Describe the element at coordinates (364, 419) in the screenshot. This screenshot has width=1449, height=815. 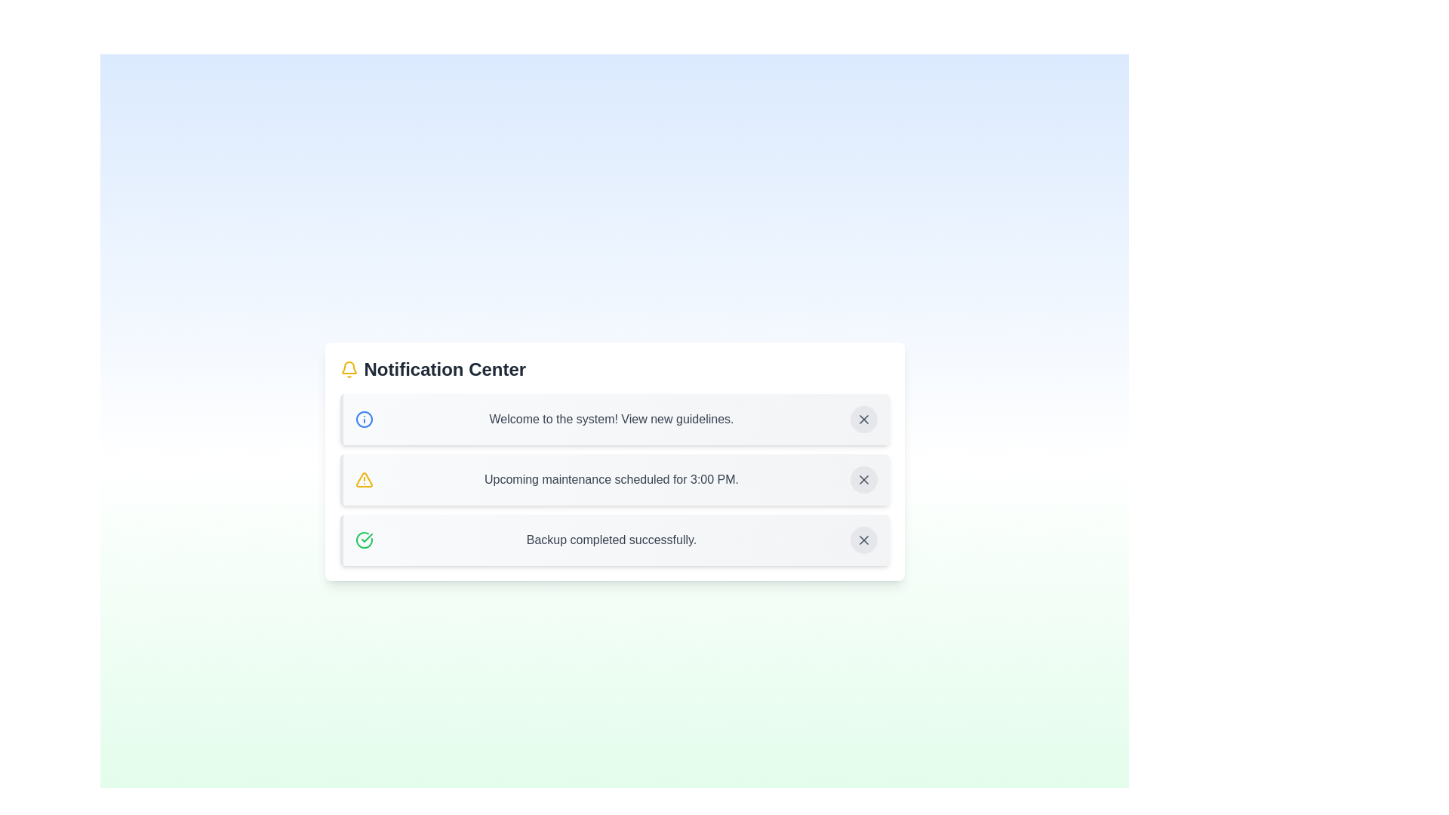
I see `the circular icon with a blue outline located on the left side of the first notification bar in the Notification Center panel, adjacent to the text 'Welcome to the system! View new guidelines.'` at that location.